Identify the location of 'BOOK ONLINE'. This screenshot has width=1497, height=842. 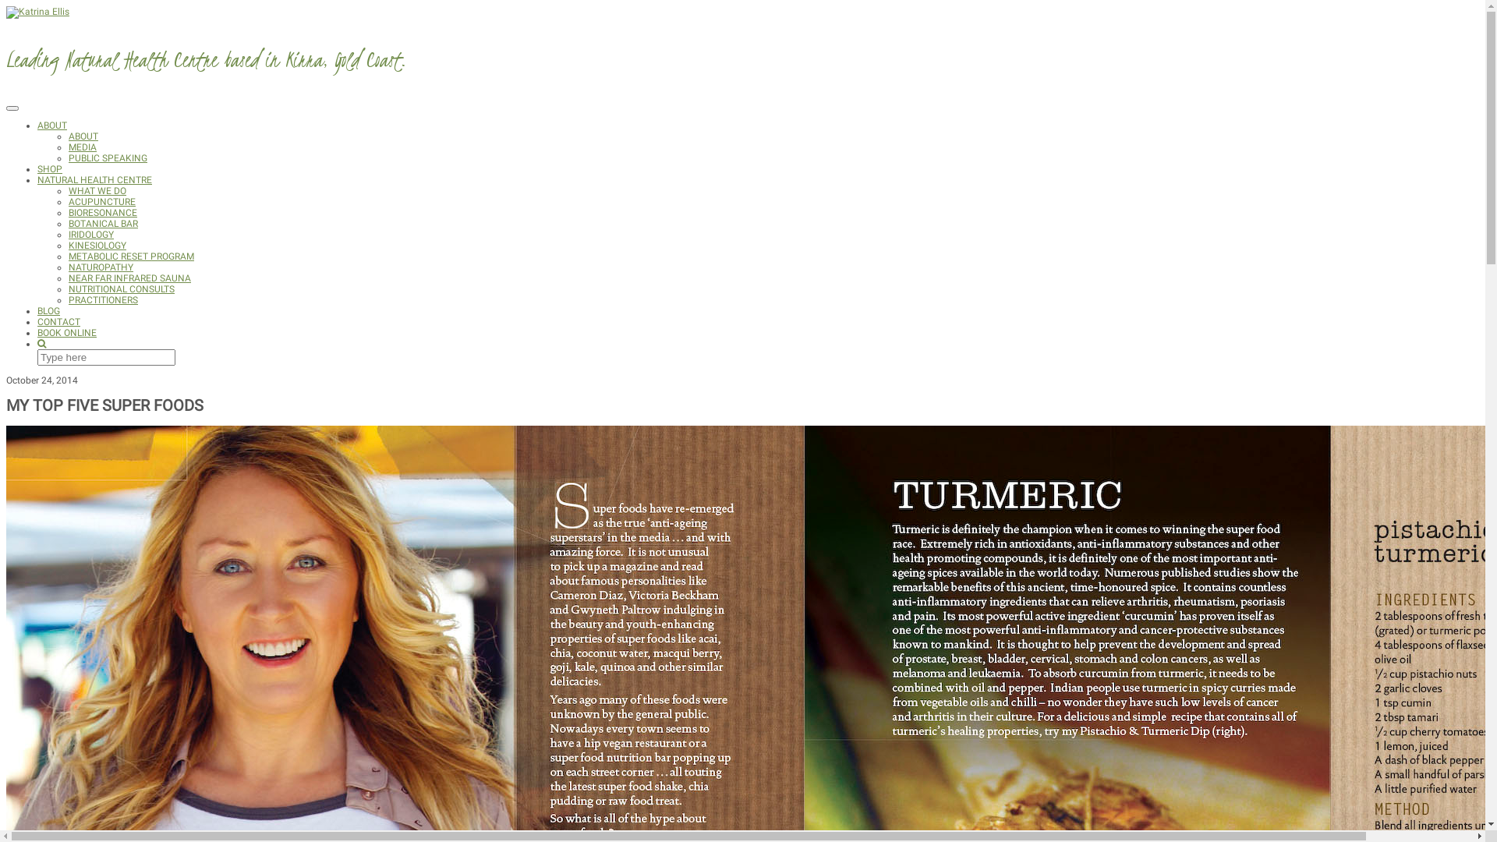
(66, 332).